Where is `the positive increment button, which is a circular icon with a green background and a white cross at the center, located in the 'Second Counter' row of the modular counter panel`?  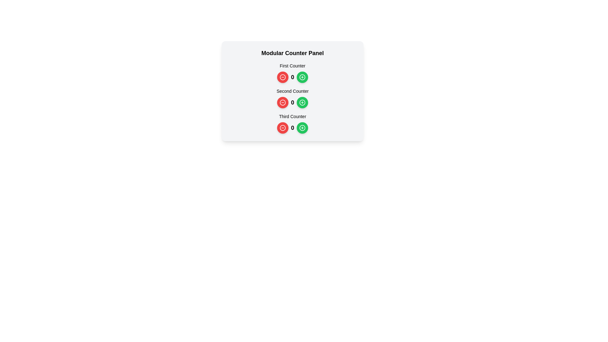
the positive increment button, which is a circular icon with a green background and a white cross at the center, located in the 'Second Counter' row of the modular counter panel is located at coordinates (302, 102).